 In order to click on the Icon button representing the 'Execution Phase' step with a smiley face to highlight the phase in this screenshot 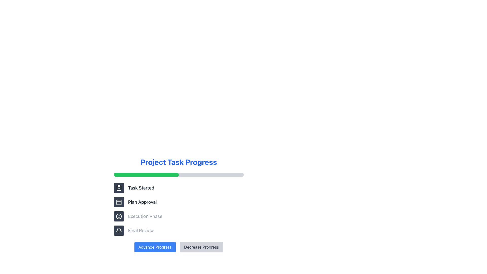, I will do `click(119, 216)`.